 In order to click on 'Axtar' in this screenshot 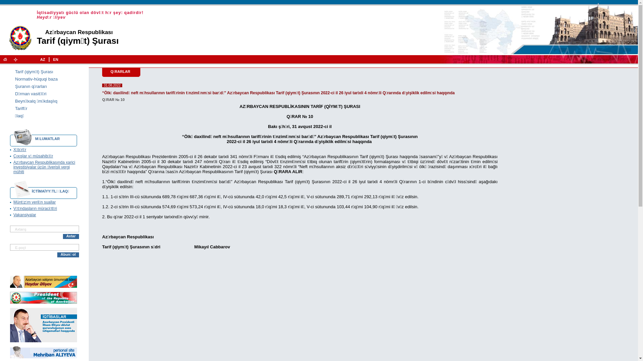, I will do `click(71, 236)`.